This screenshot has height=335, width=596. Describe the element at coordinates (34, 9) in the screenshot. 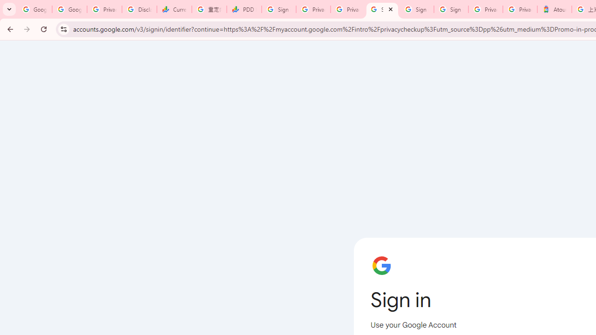

I see `'Google Workspace Admin Community'` at that location.